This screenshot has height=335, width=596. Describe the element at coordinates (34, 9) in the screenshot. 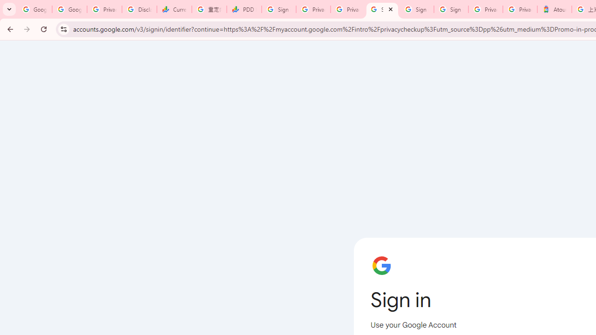

I see `'Google Workspace Admin Community'` at that location.